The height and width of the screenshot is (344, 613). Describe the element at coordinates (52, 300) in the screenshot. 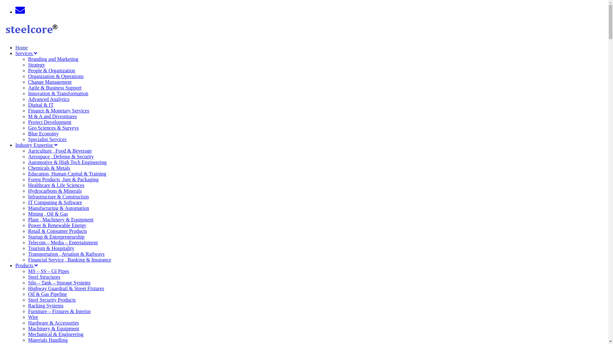

I see `'Steel Security Products'` at that location.